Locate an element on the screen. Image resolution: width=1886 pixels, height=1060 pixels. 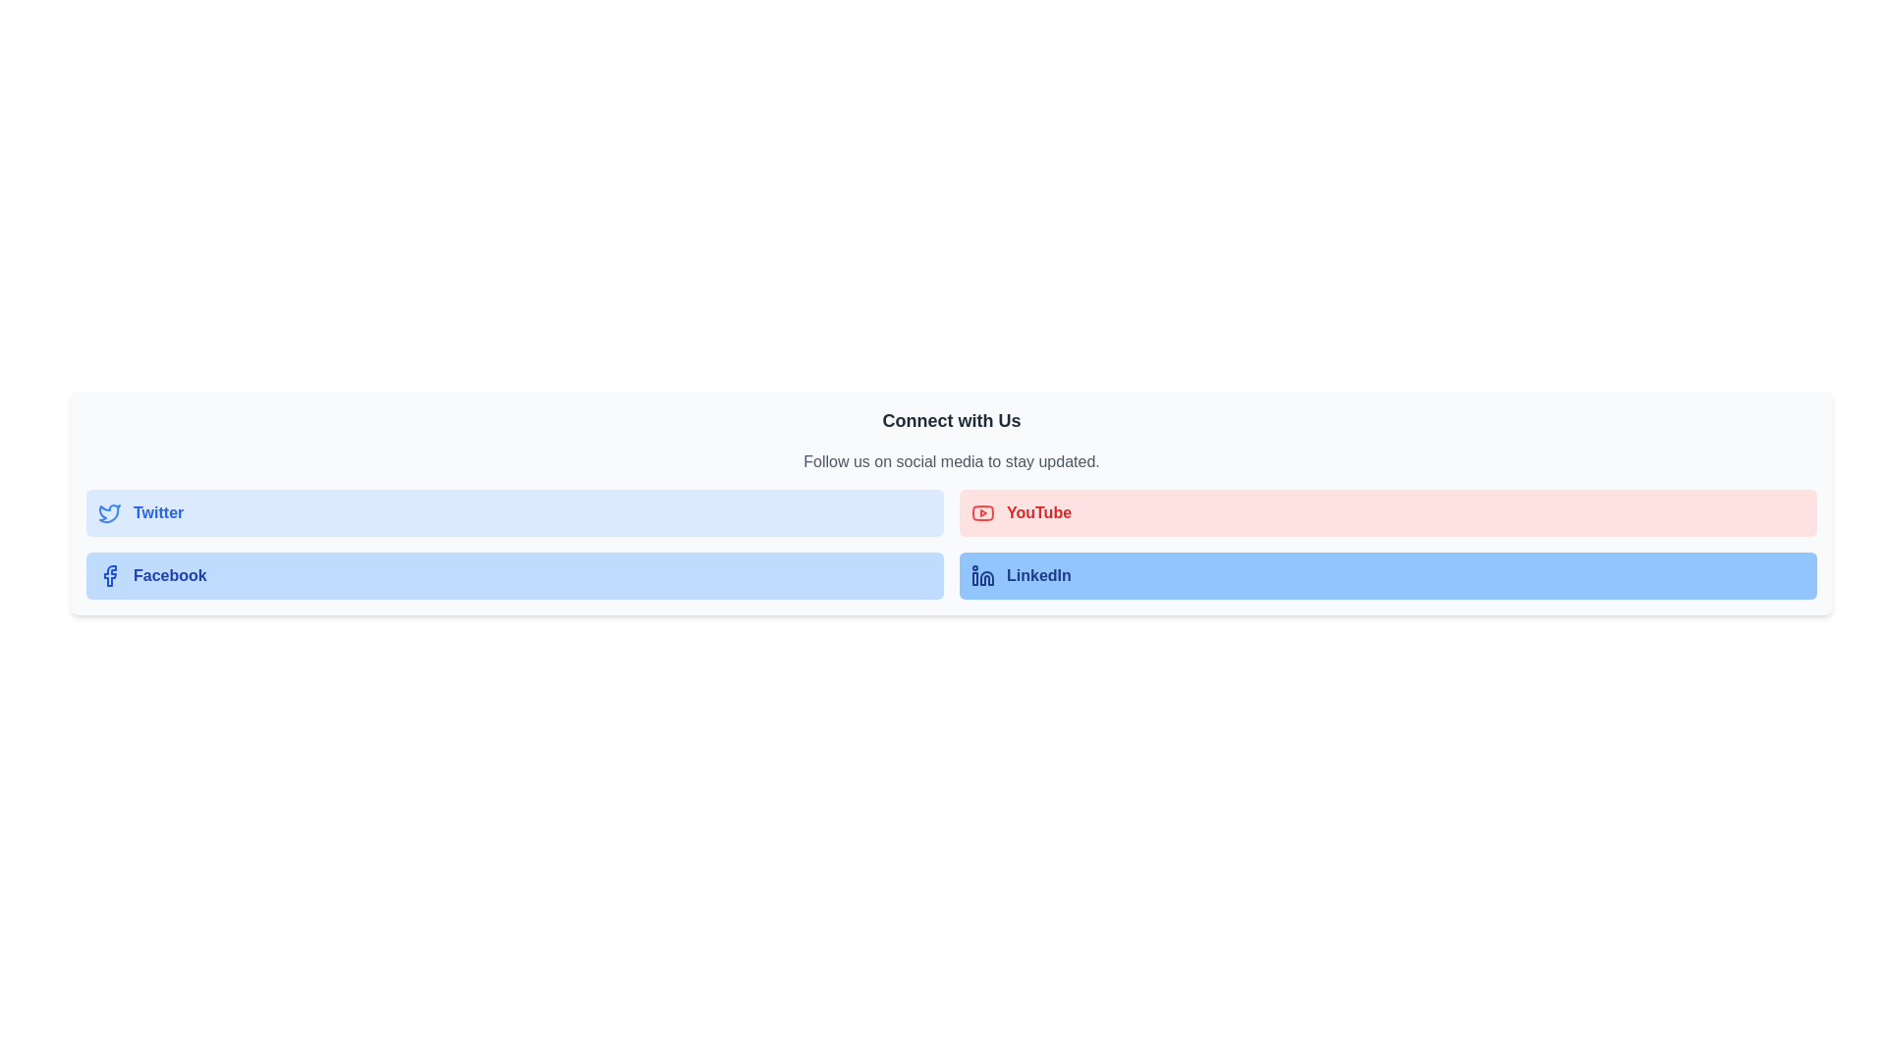
the central and larger inner detail of the LinkedIn icon located in the bottom-right corner of the row labeled 'LinkedIn' is located at coordinates (986, 577).